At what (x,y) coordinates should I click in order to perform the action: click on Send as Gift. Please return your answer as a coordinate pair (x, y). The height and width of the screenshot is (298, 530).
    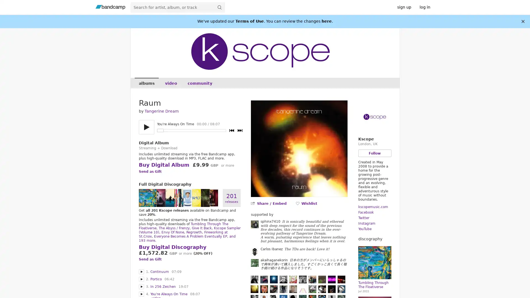
    Looking at the image, I should click on (150, 259).